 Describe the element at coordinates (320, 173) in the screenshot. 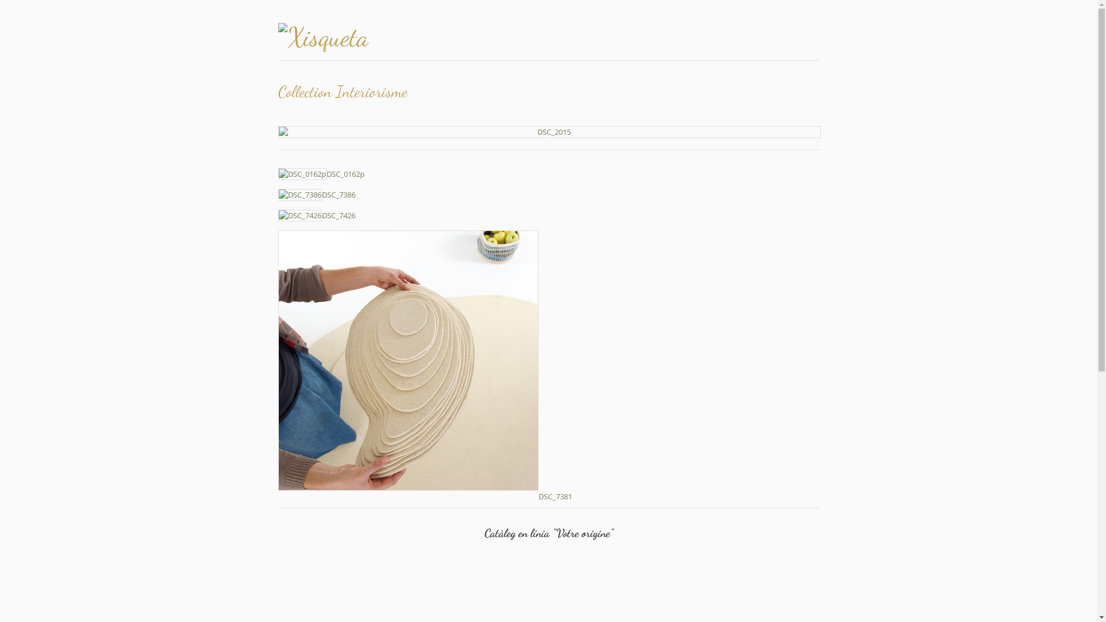

I see `'DSC_0162p'` at that location.